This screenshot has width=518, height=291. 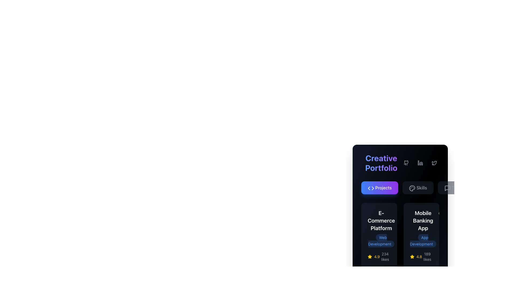 What do you see at coordinates (419, 256) in the screenshot?
I see `the text label displaying the rating '4.8' in bold yellow font, located at the bottom-right corner of the 'Mobile Banking App' project card` at bounding box center [419, 256].